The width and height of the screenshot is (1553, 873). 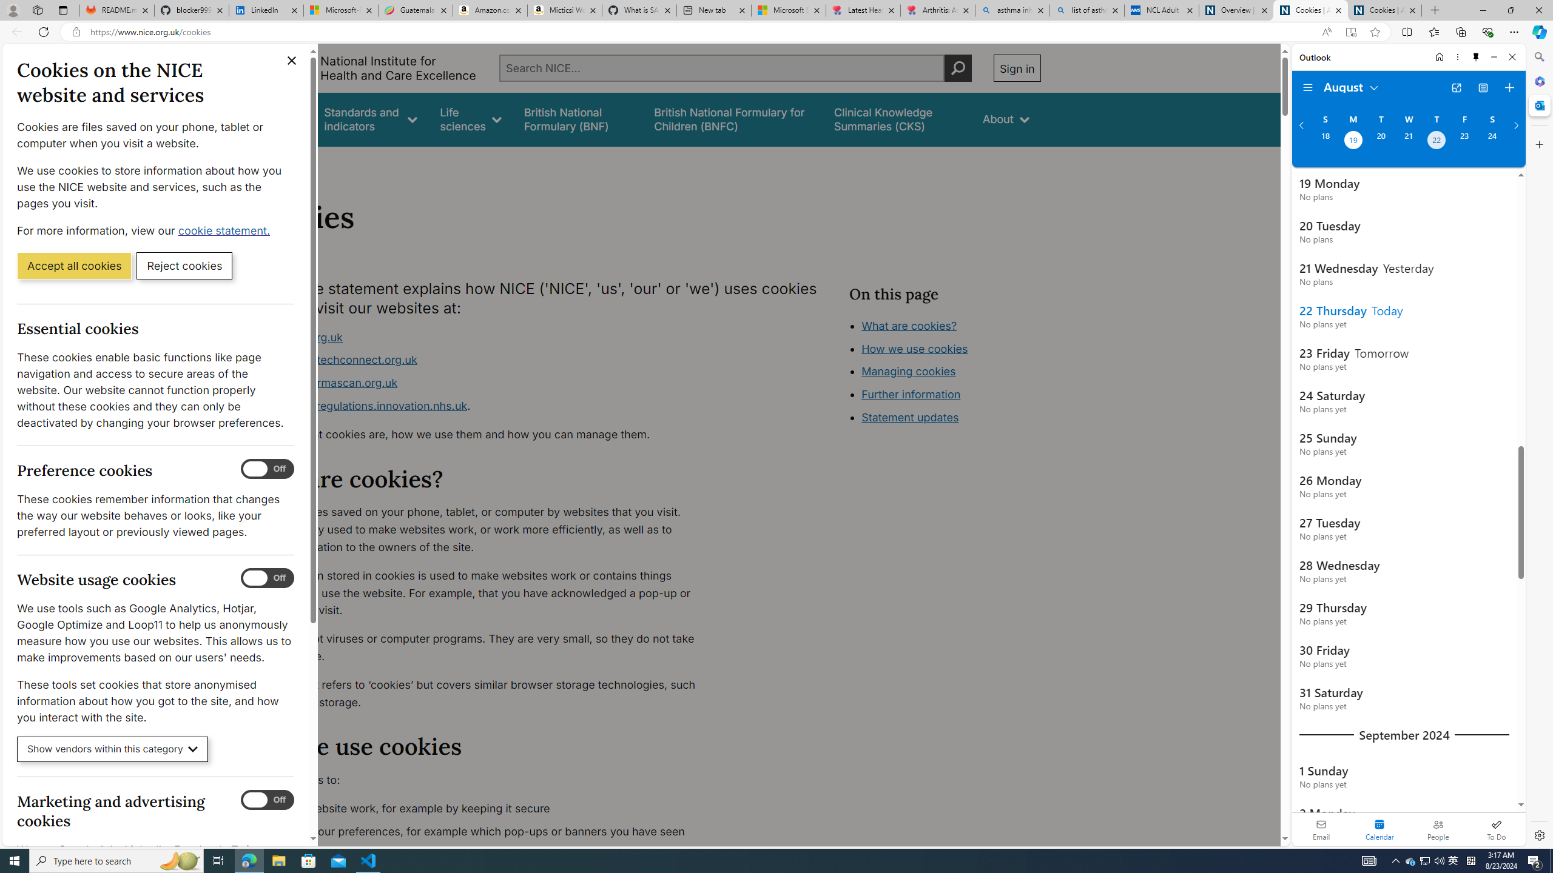 What do you see at coordinates (292, 60) in the screenshot?
I see `'Close cookie banner'` at bounding box center [292, 60].